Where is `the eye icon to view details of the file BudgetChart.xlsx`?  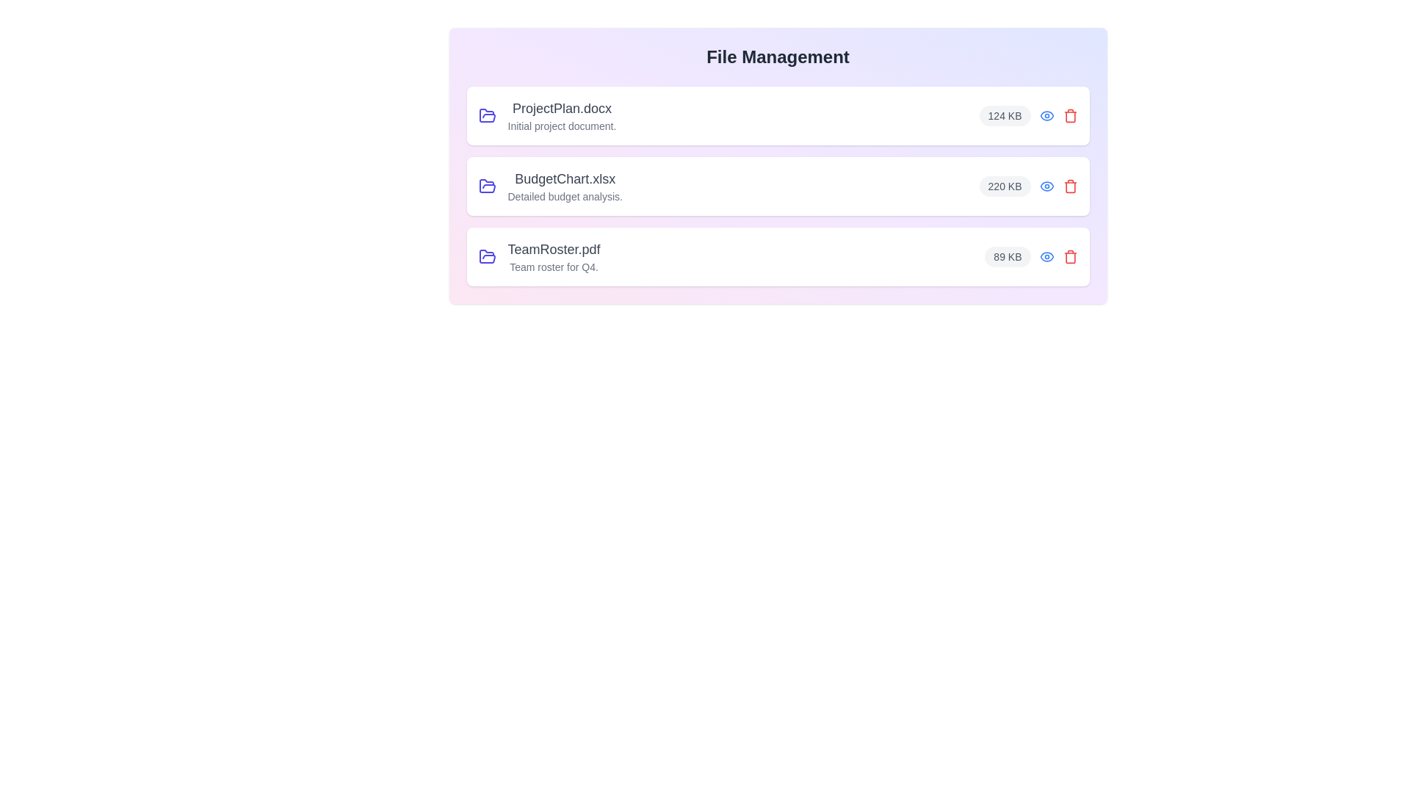 the eye icon to view details of the file BudgetChart.xlsx is located at coordinates (1046, 186).